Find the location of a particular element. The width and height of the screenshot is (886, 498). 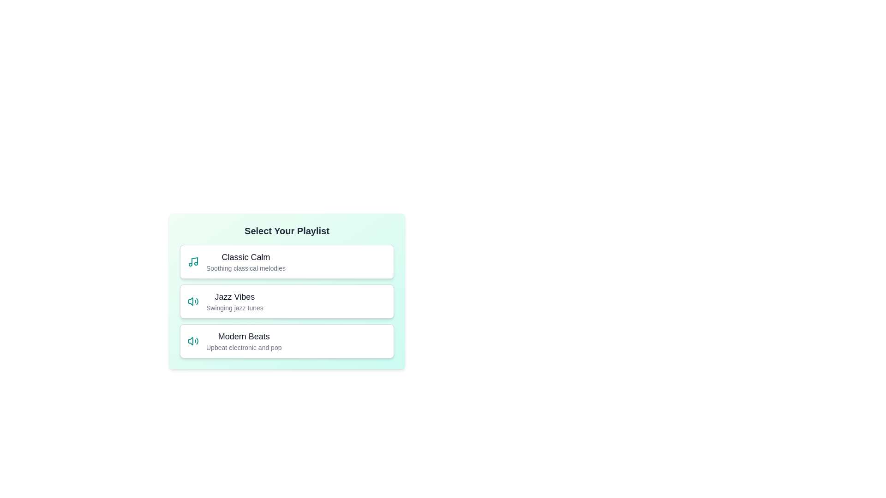

the second selectable card in the playlist selection interface is located at coordinates (287, 291).